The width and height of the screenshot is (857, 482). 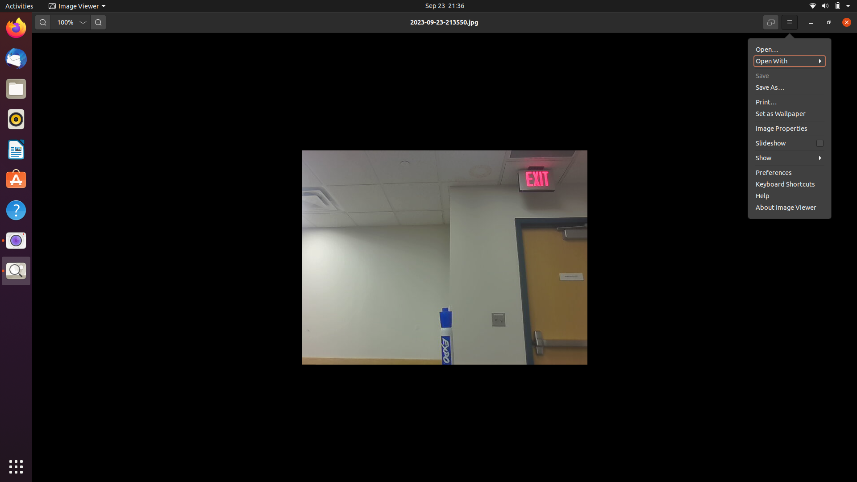 I want to click on the properties of the image, so click(x=788, y=142).